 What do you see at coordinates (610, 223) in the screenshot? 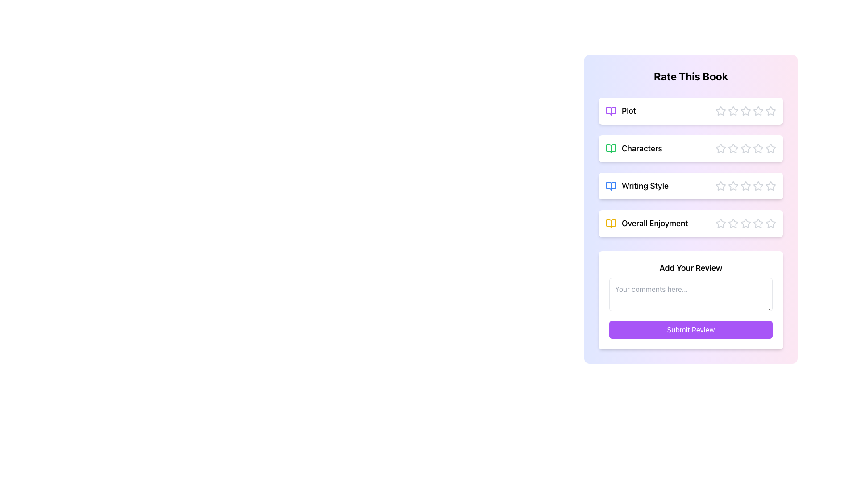
I see `the bottom-left part of the book-shaped icon located at the top of the 'Overall Enjoyment' rating section, which serves as a visual representation of books or reading` at bounding box center [610, 223].